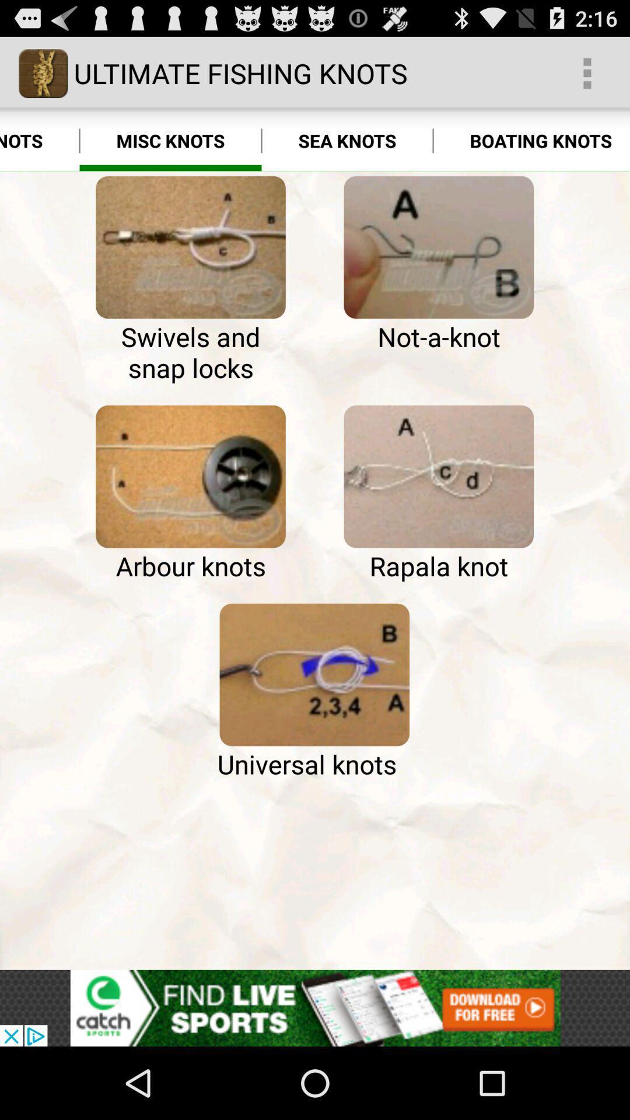 Image resolution: width=630 pixels, height=1120 pixels. Describe the element at coordinates (190, 247) in the screenshot. I see `icon below misc knots` at that location.